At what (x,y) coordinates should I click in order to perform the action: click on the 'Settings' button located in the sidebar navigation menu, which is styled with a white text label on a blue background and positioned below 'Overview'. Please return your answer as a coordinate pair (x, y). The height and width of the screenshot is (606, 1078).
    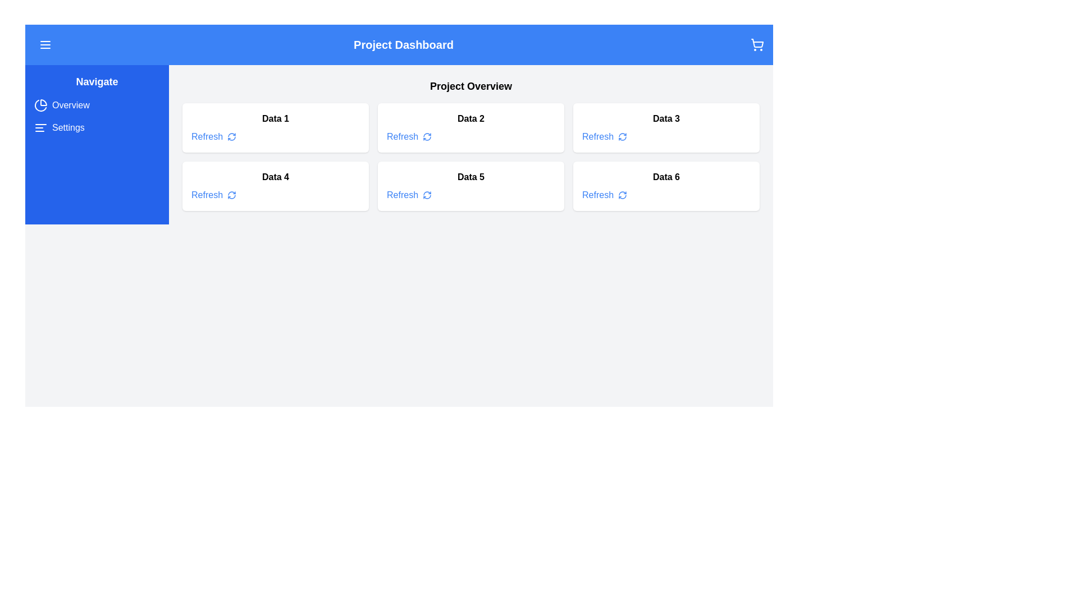
    Looking at the image, I should click on (58, 127).